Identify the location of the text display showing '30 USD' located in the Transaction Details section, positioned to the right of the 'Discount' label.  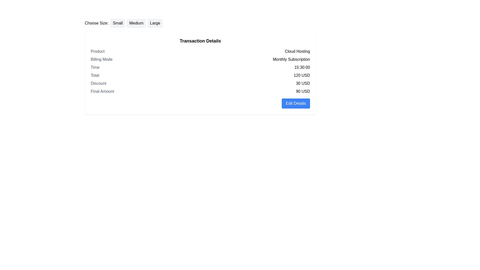
(302, 83).